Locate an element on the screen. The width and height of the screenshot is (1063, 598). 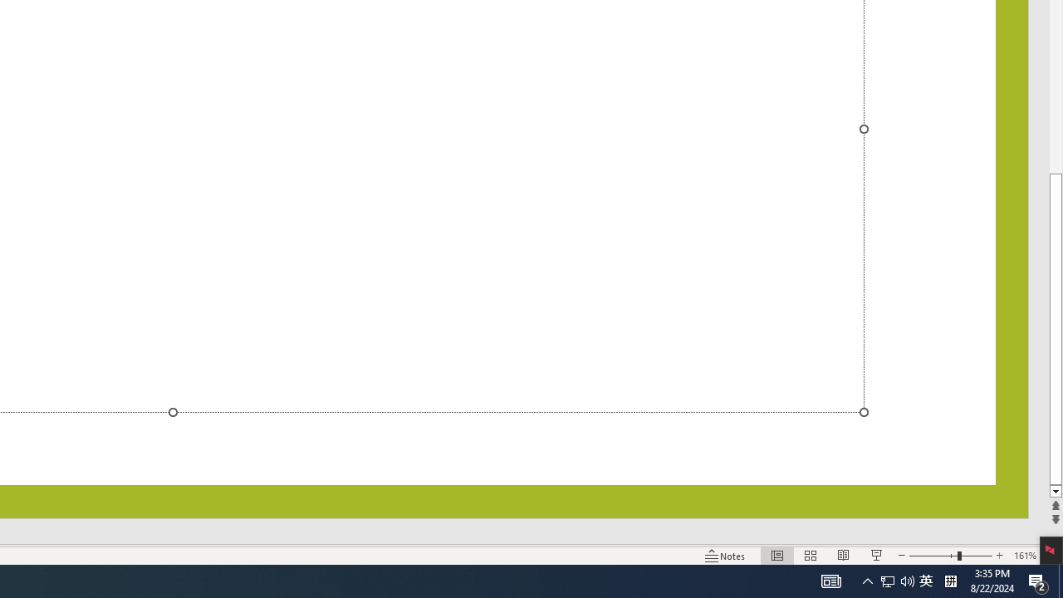
'Zoom 161%' is located at coordinates (1024, 556).